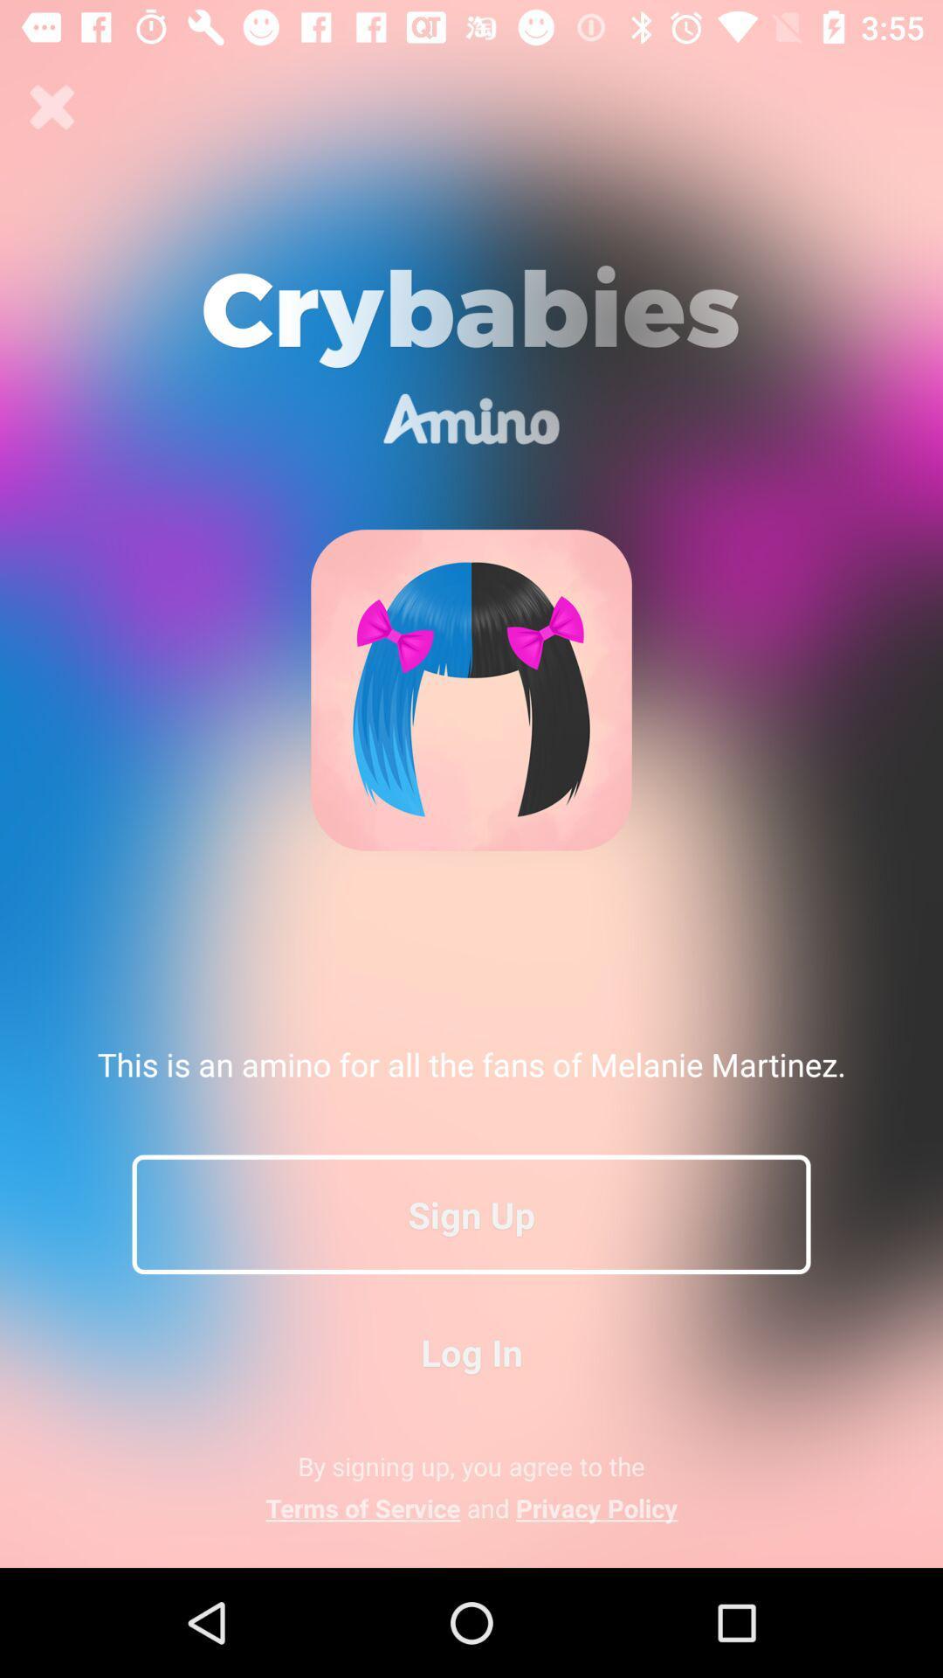 Image resolution: width=943 pixels, height=1678 pixels. I want to click on the item above the by signing up app, so click(471, 1351).